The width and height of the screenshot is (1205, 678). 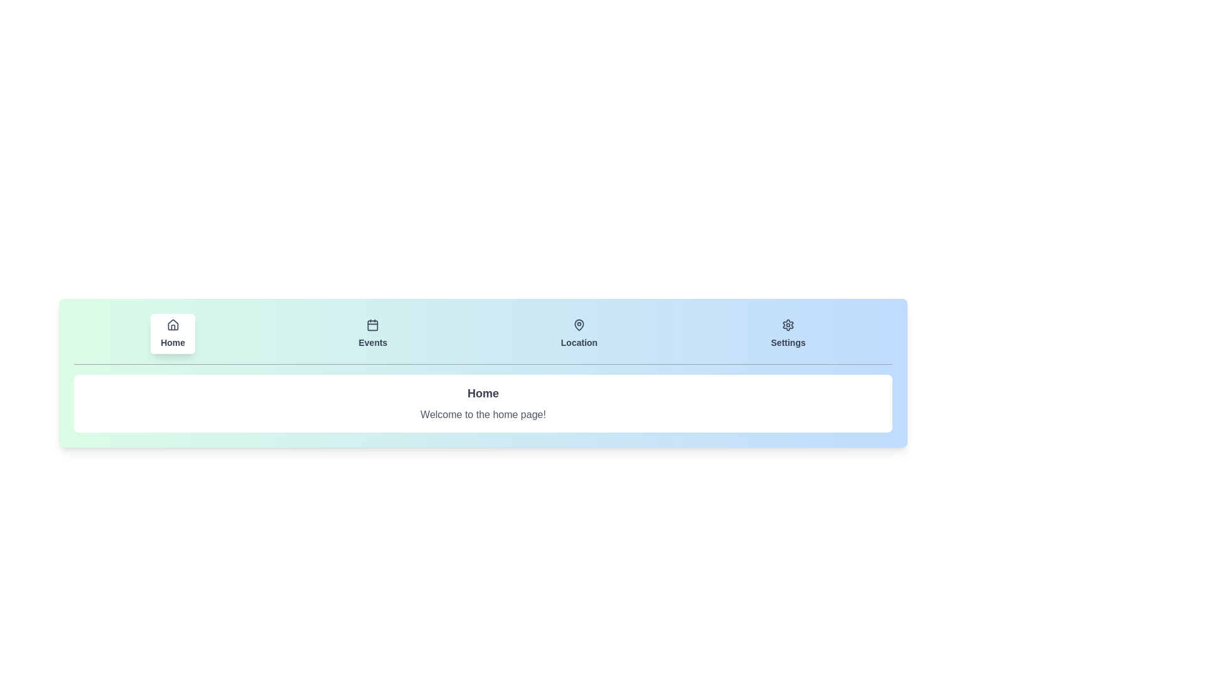 What do you see at coordinates (578, 333) in the screenshot?
I see `the tab corresponding to Location` at bounding box center [578, 333].